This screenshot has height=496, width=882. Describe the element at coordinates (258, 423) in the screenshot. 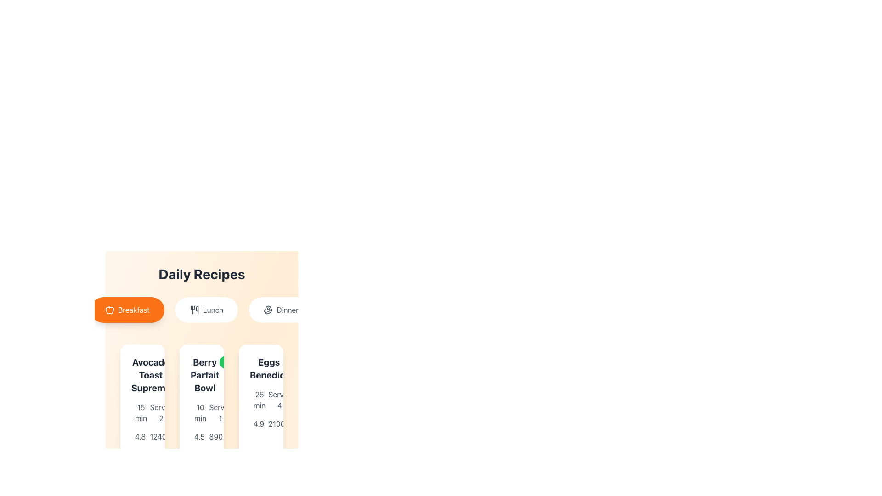

I see `displayed rating or score from the Text Display located near the bottom-right corner of the 'Eggs Benedict' recipe card in the 'Daily Recipes' section` at that location.